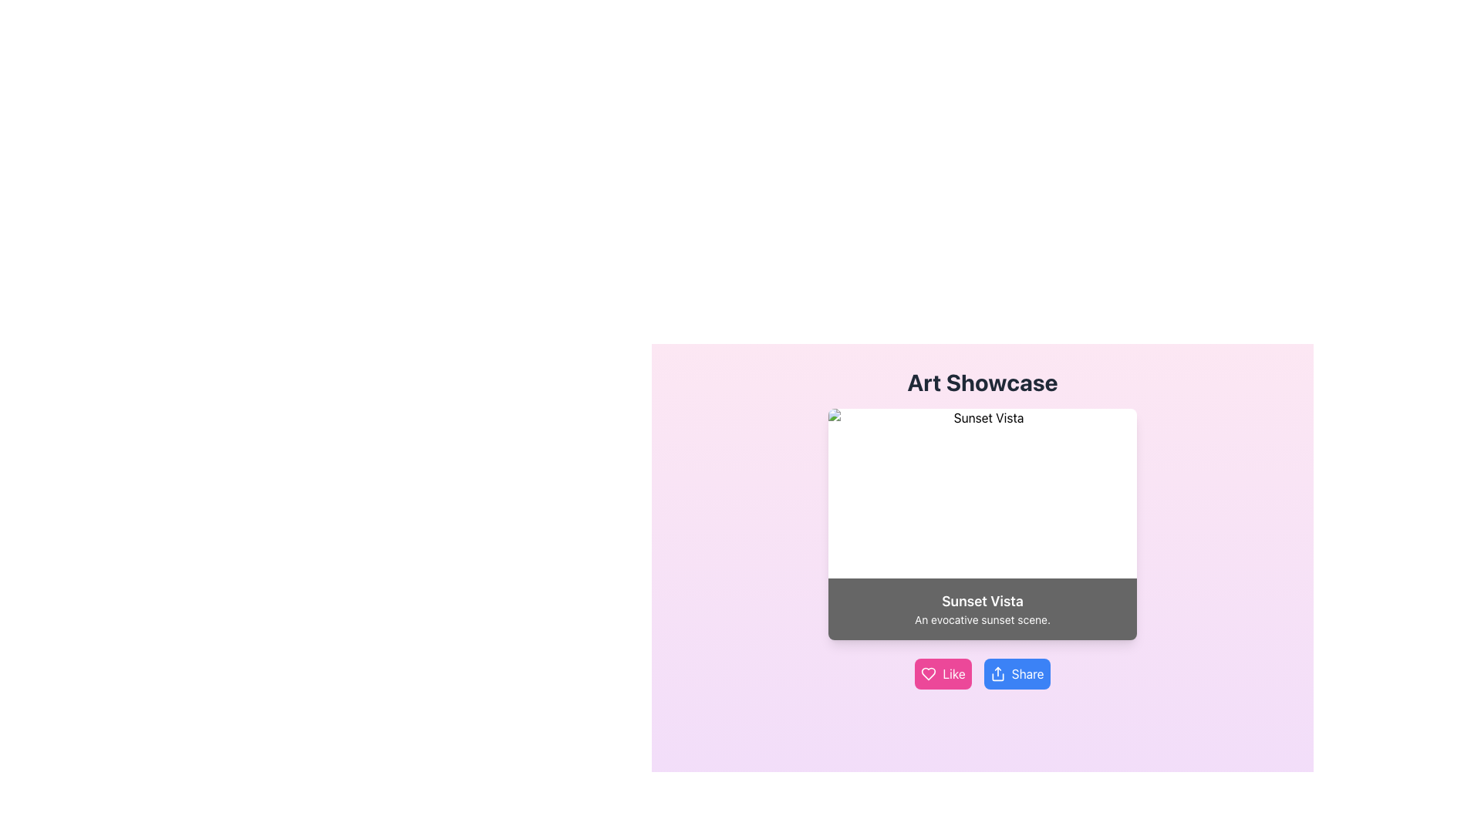 Image resolution: width=1481 pixels, height=833 pixels. I want to click on the 'Like' button icon that indicates approval or preference for the content titled 'Sunset Vista', so click(928, 673).